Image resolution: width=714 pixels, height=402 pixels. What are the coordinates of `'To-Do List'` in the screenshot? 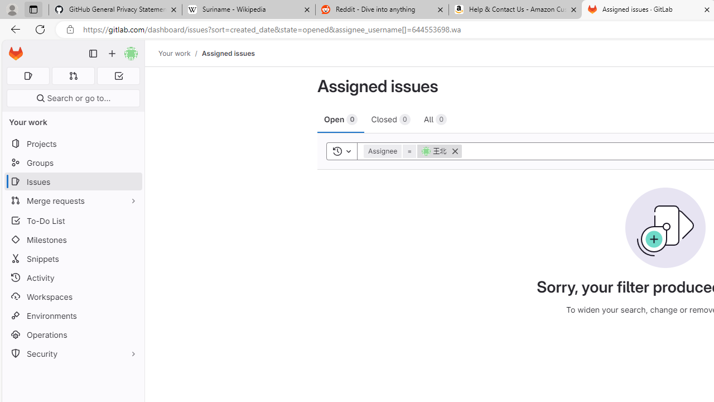 It's located at (73, 221).